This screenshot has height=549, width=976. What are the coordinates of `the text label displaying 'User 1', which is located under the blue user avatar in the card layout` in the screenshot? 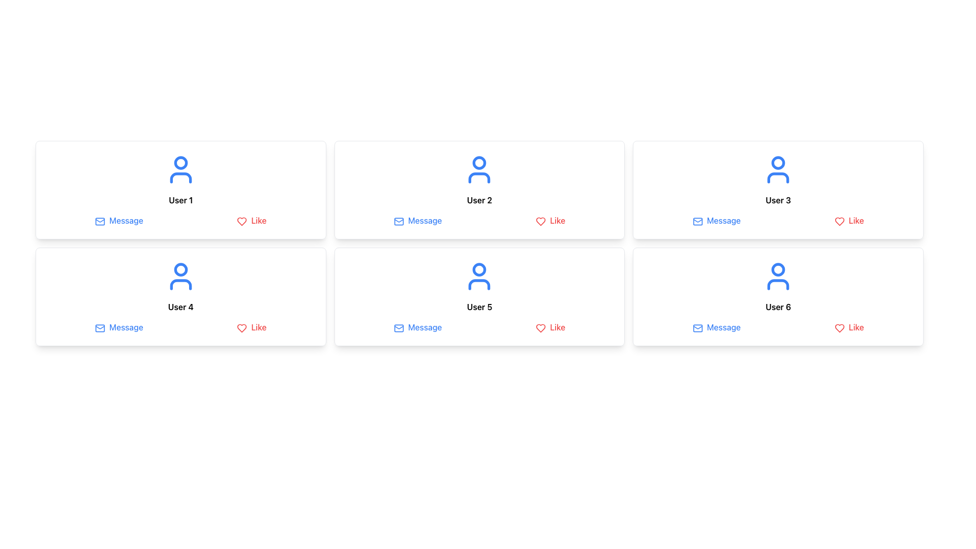 It's located at (180, 200).